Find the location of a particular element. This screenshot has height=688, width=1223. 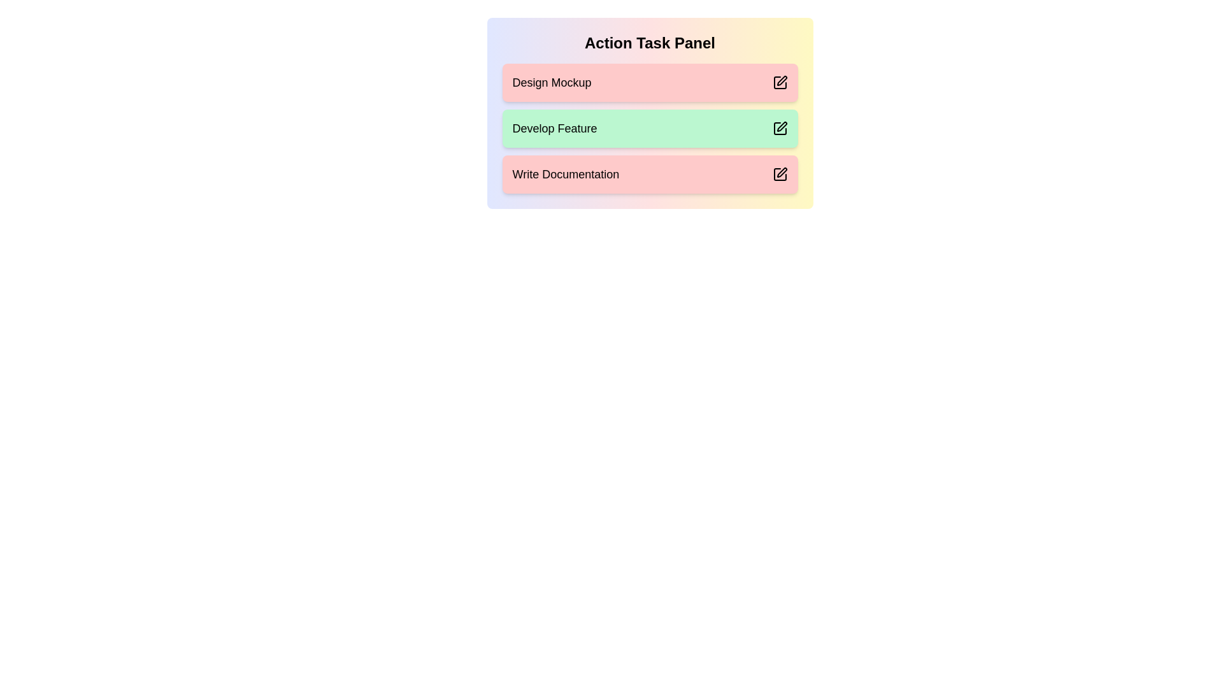

the task Develop Feature to observe its hover effect is located at coordinates (650, 128).